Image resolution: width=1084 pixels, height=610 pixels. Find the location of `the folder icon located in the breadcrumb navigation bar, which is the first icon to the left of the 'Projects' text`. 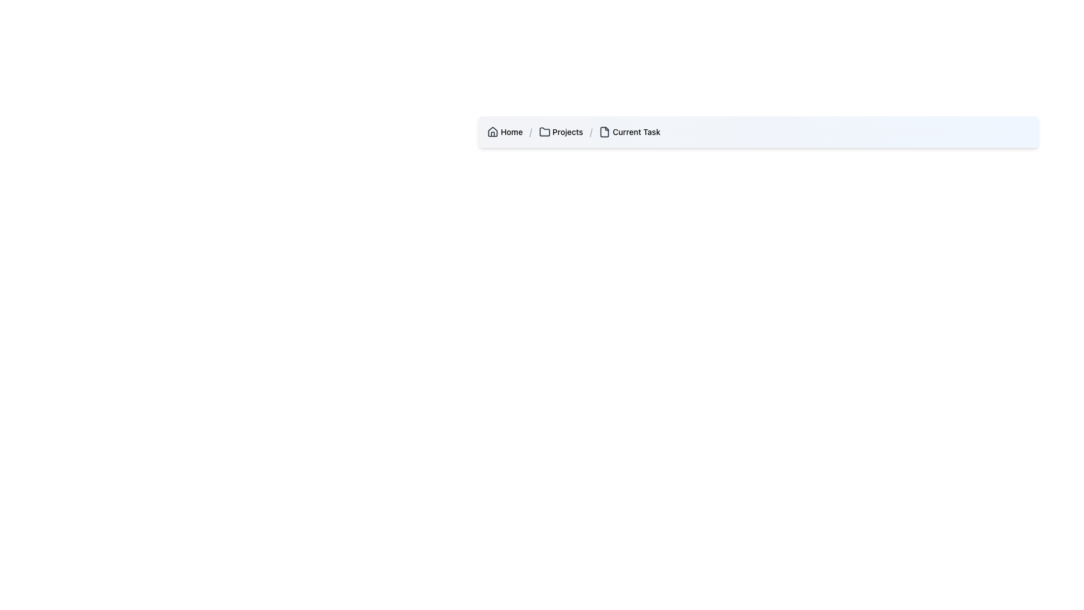

the folder icon located in the breadcrumb navigation bar, which is the first icon to the left of the 'Projects' text is located at coordinates (544, 132).